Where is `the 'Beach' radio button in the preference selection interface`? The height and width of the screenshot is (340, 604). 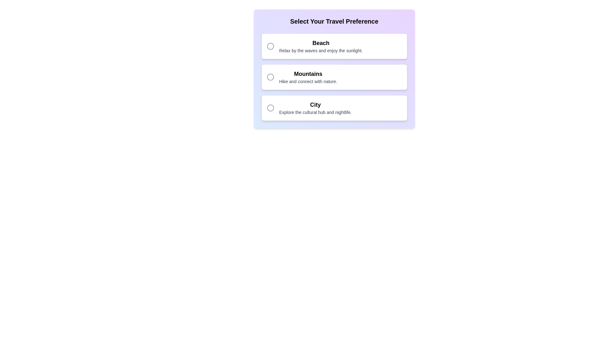
the 'Beach' radio button in the preference selection interface is located at coordinates (270, 46).